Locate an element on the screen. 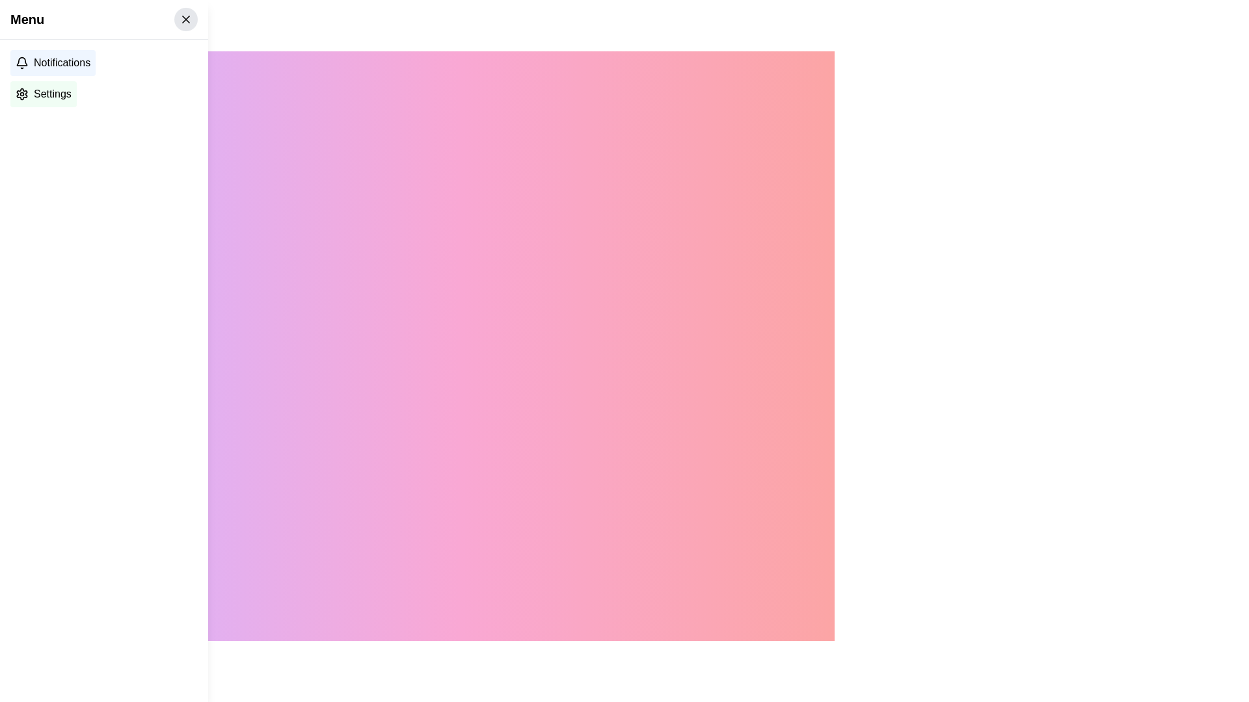  the small 'X' SVG icon within the rounded button located in the top-right corner of the vertical menu panel is located at coordinates (185, 19).